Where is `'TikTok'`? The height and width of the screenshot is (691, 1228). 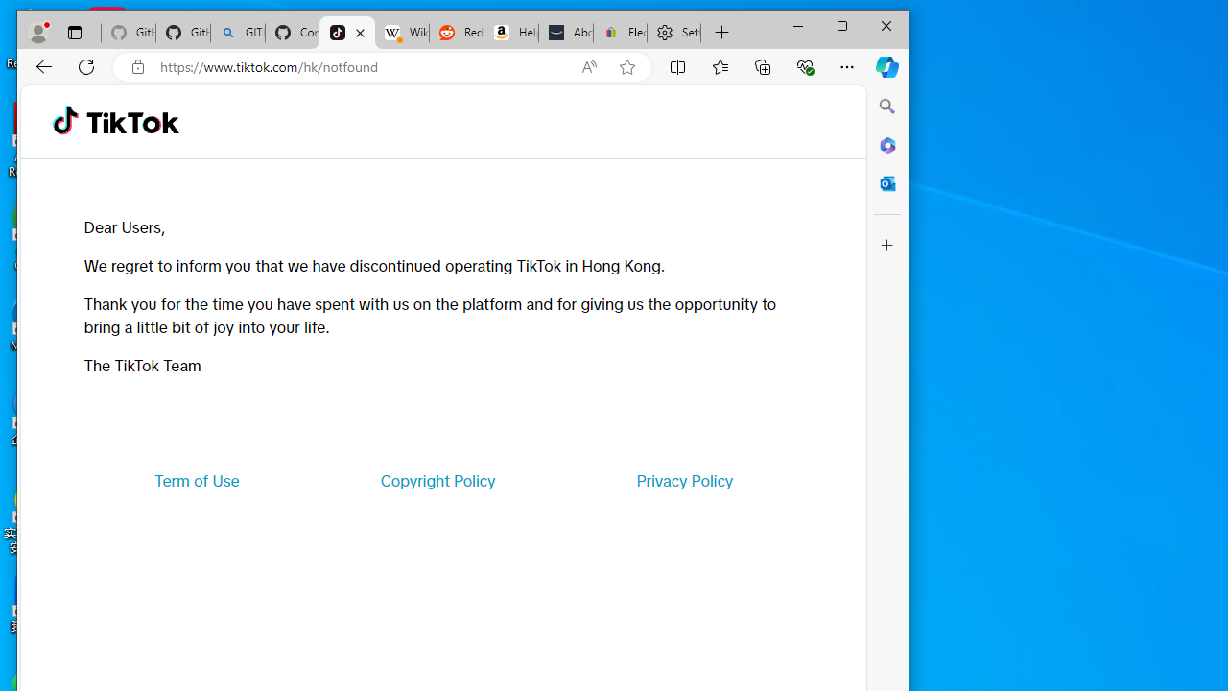 'TikTok' is located at coordinates (347, 33).